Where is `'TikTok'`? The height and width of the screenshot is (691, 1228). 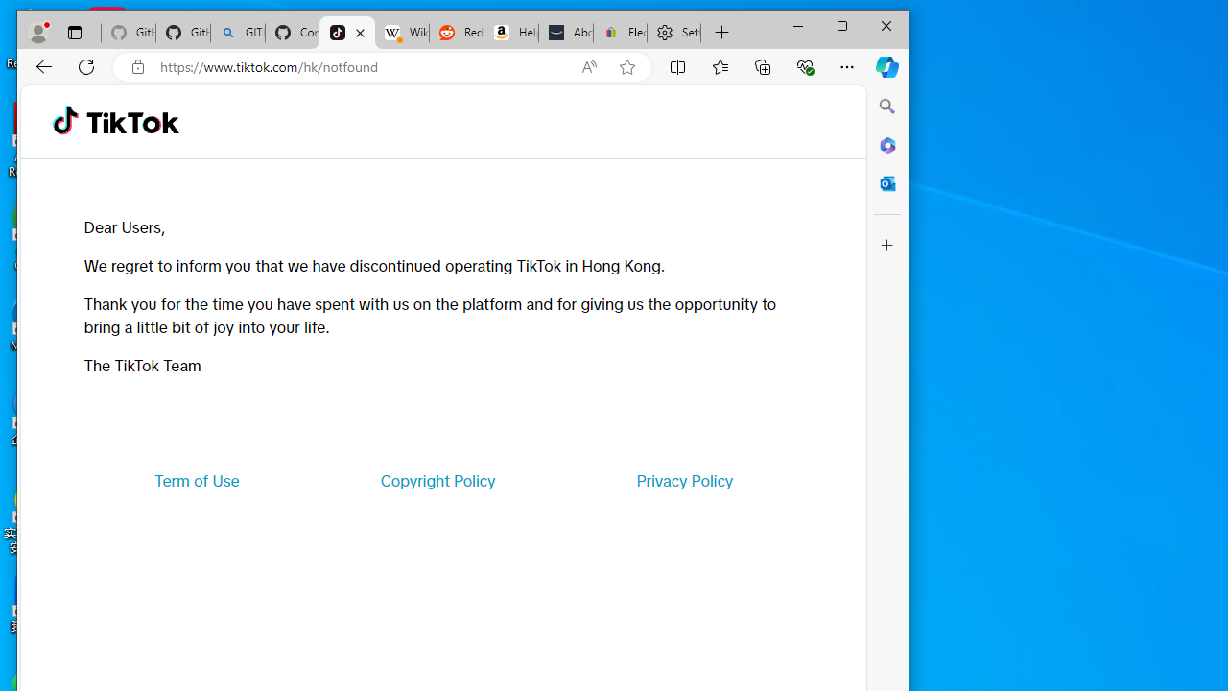 'TikTok' is located at coordinates (347, 33).